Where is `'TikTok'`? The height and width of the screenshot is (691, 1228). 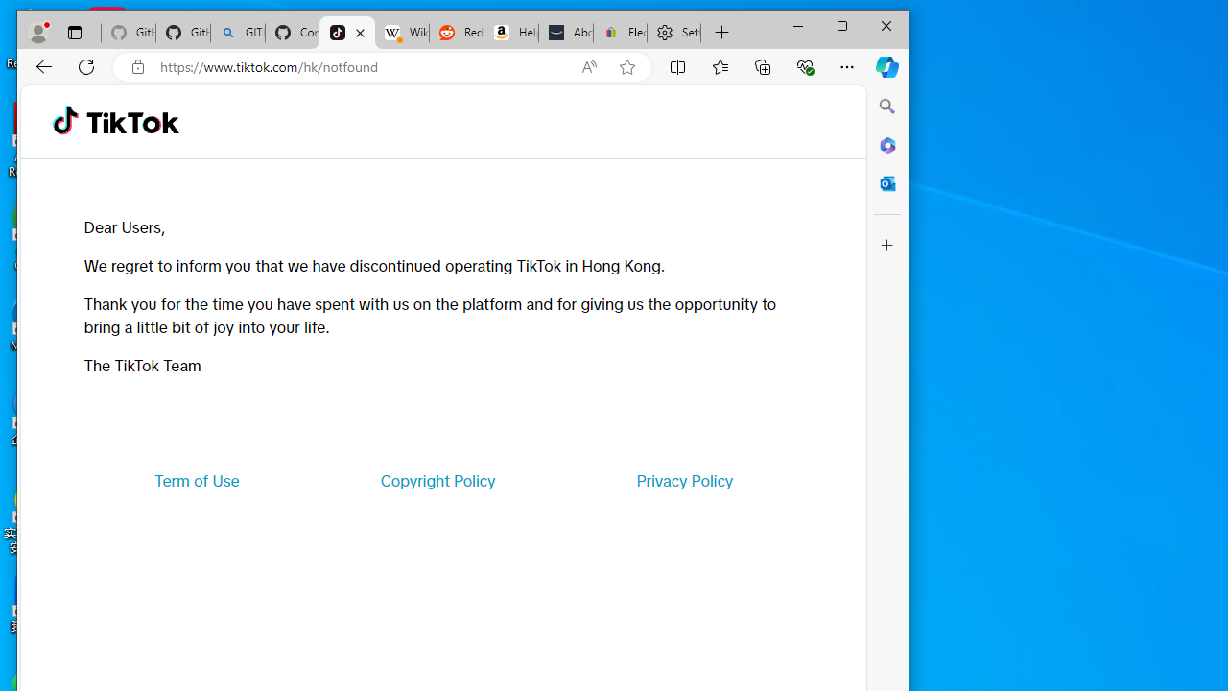 'TikTok' is located at coordinates (347, 33).